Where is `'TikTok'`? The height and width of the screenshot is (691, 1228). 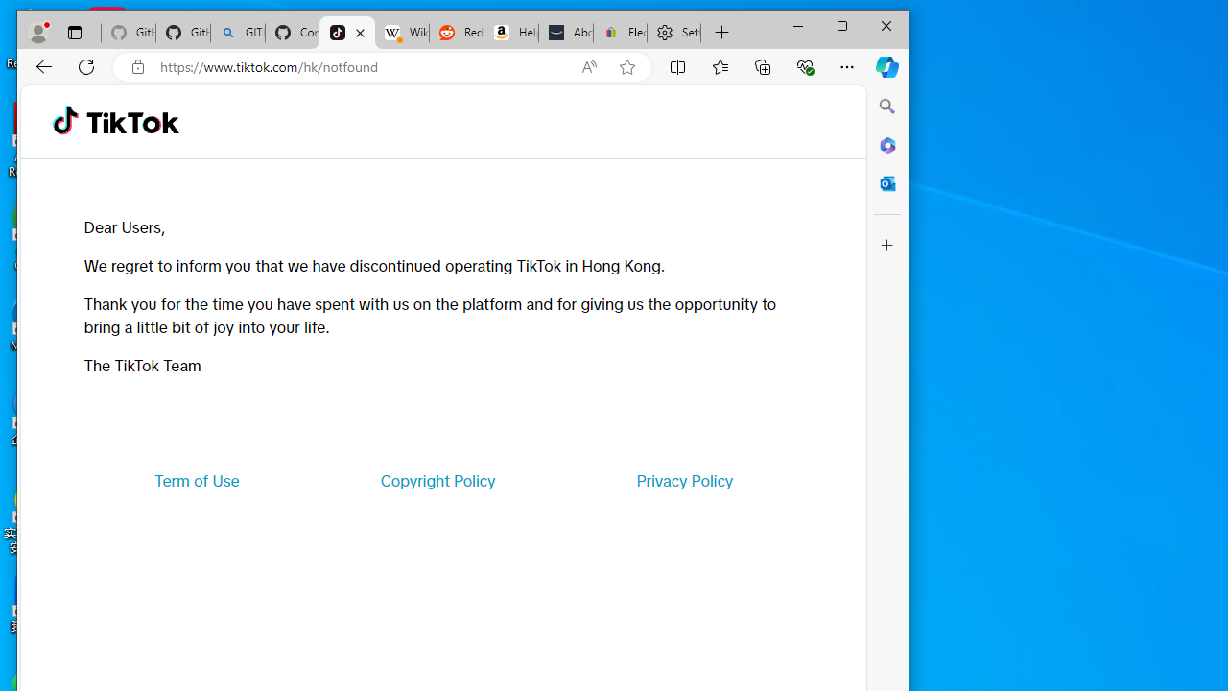 'TikTok' is located at coordinates (347, 33).